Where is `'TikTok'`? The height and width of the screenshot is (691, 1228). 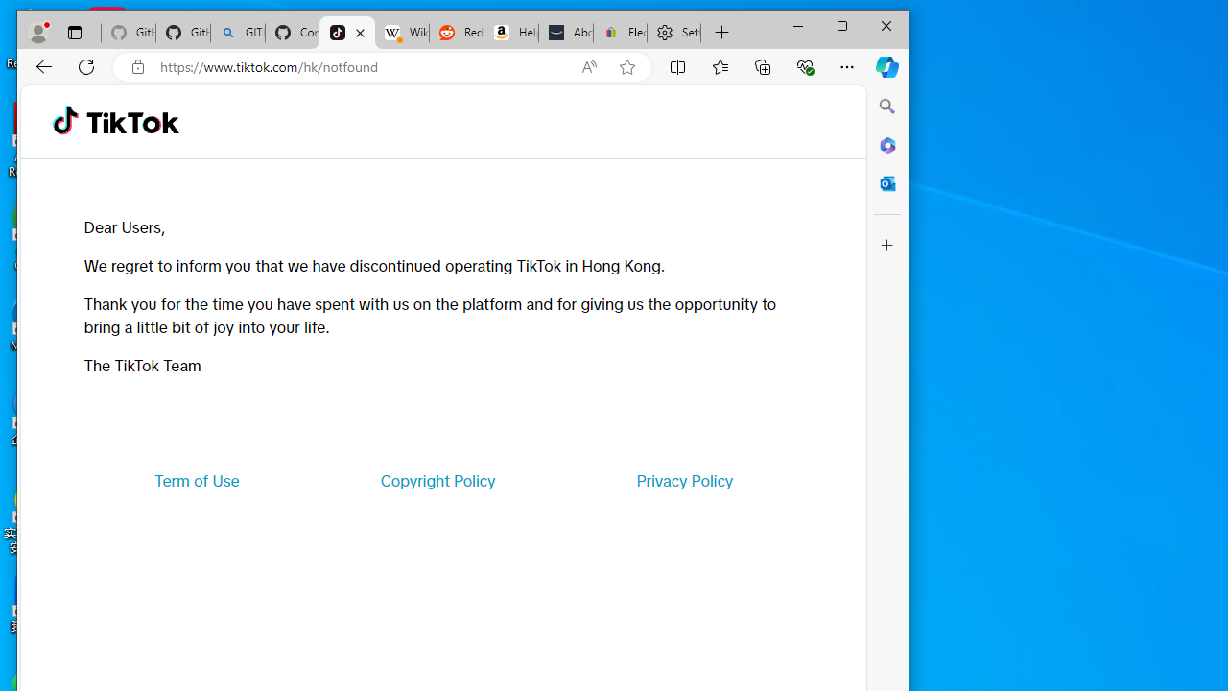 'TikTok' is located at coordinates (347, 33).